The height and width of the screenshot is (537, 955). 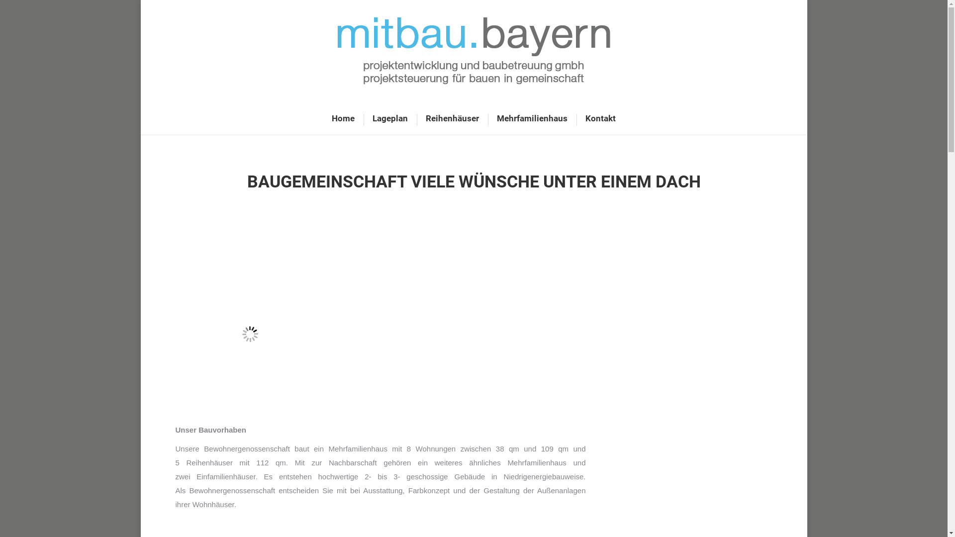 I want to click on 'Home', so click(x=343, y=118).